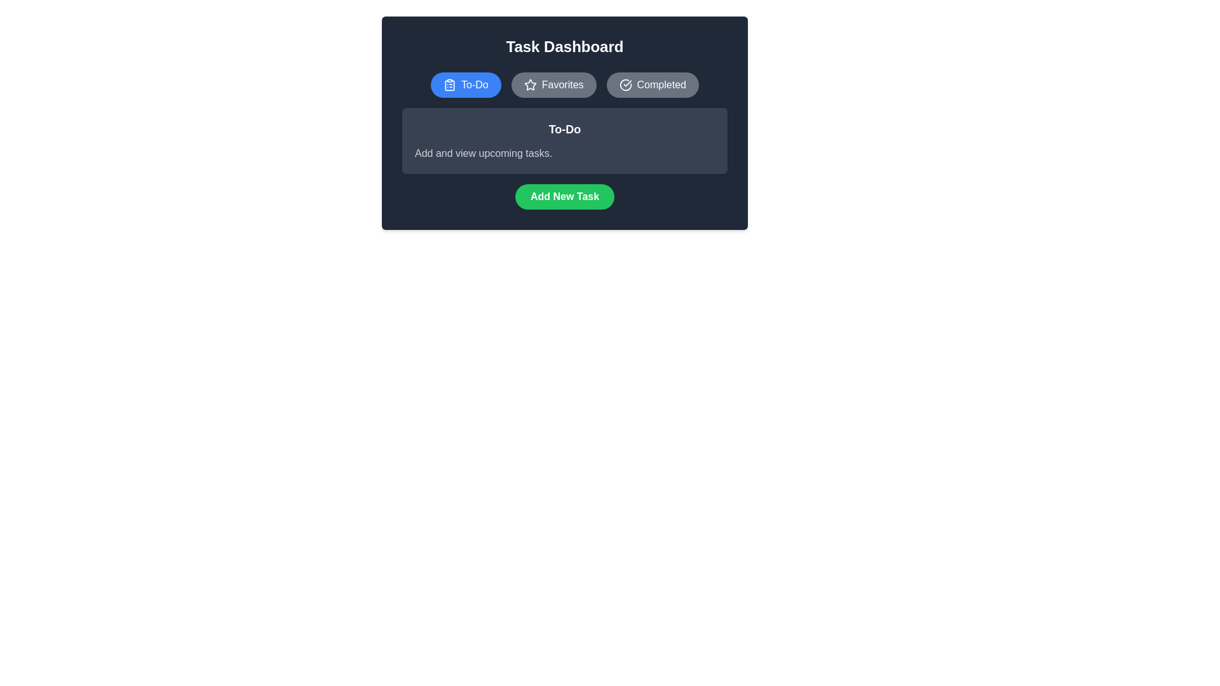 The image size is (1220, 686). What do you see at coordinates (465, 85) in the screenshot?
I see `the button labeled To-Do to observe its visual feedback` at bounding box center [465, 85].